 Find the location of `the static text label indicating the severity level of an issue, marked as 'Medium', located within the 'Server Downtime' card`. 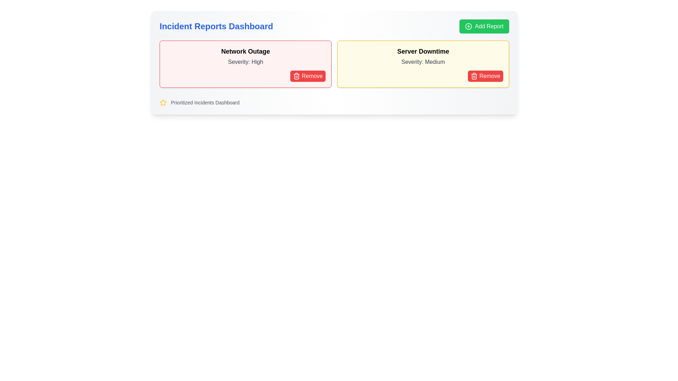

the static text label indicating the severity level of an issue, marked as 'Medium', located within the 'Server Downtime' card is located at coordinates (423, 62).